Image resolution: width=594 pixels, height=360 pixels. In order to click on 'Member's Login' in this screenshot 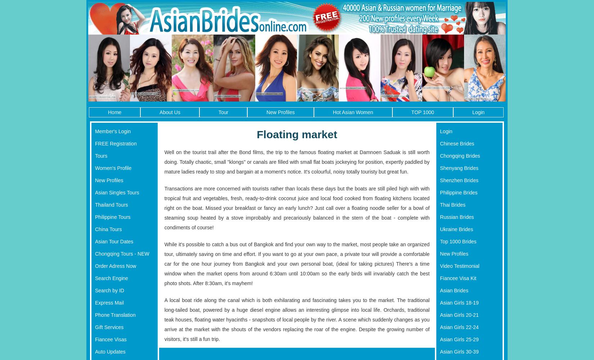, I will do `click(113, 131)`.